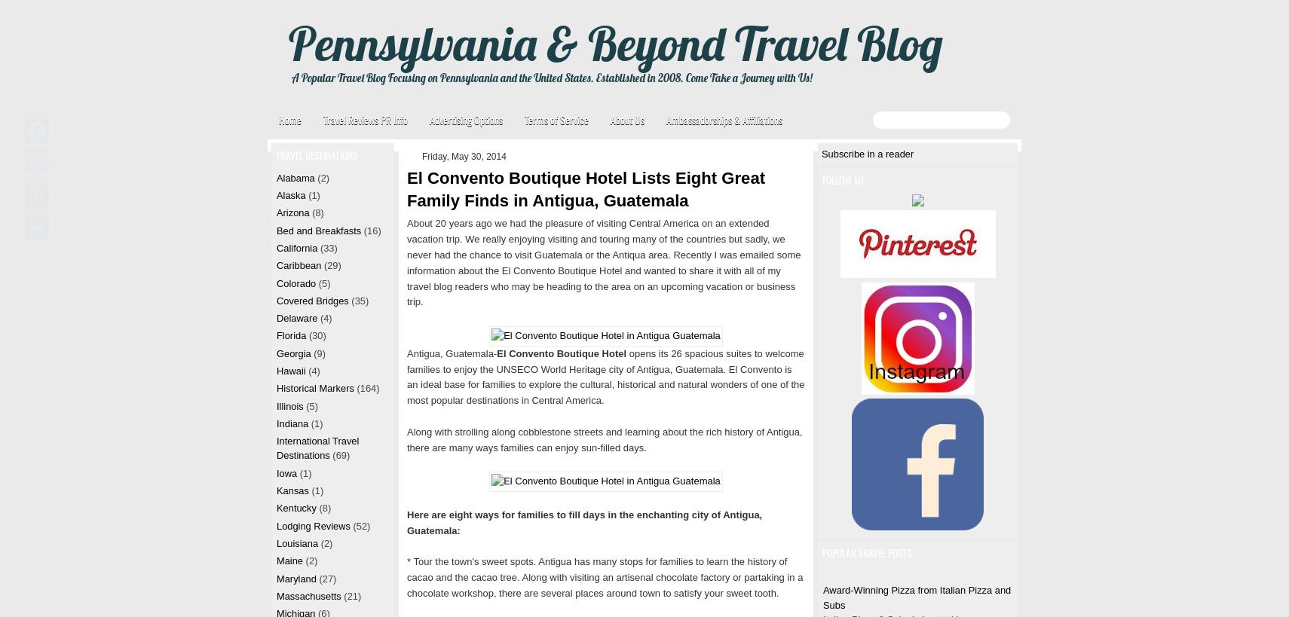  What do you see at coordinates (317, 447) in the screenshot?
I see `'International Travel Destinations'` at bounding box center [317, 447].